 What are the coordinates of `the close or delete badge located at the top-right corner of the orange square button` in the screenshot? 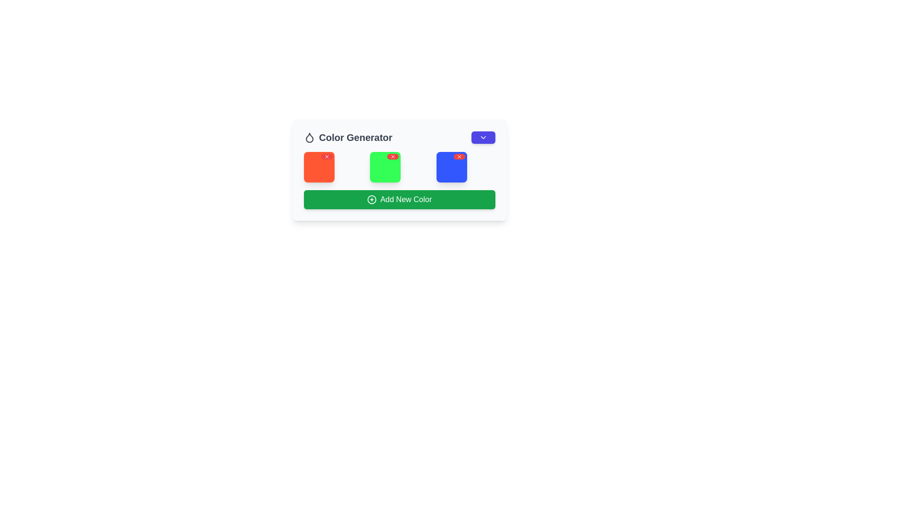 It's located at (326, 156).